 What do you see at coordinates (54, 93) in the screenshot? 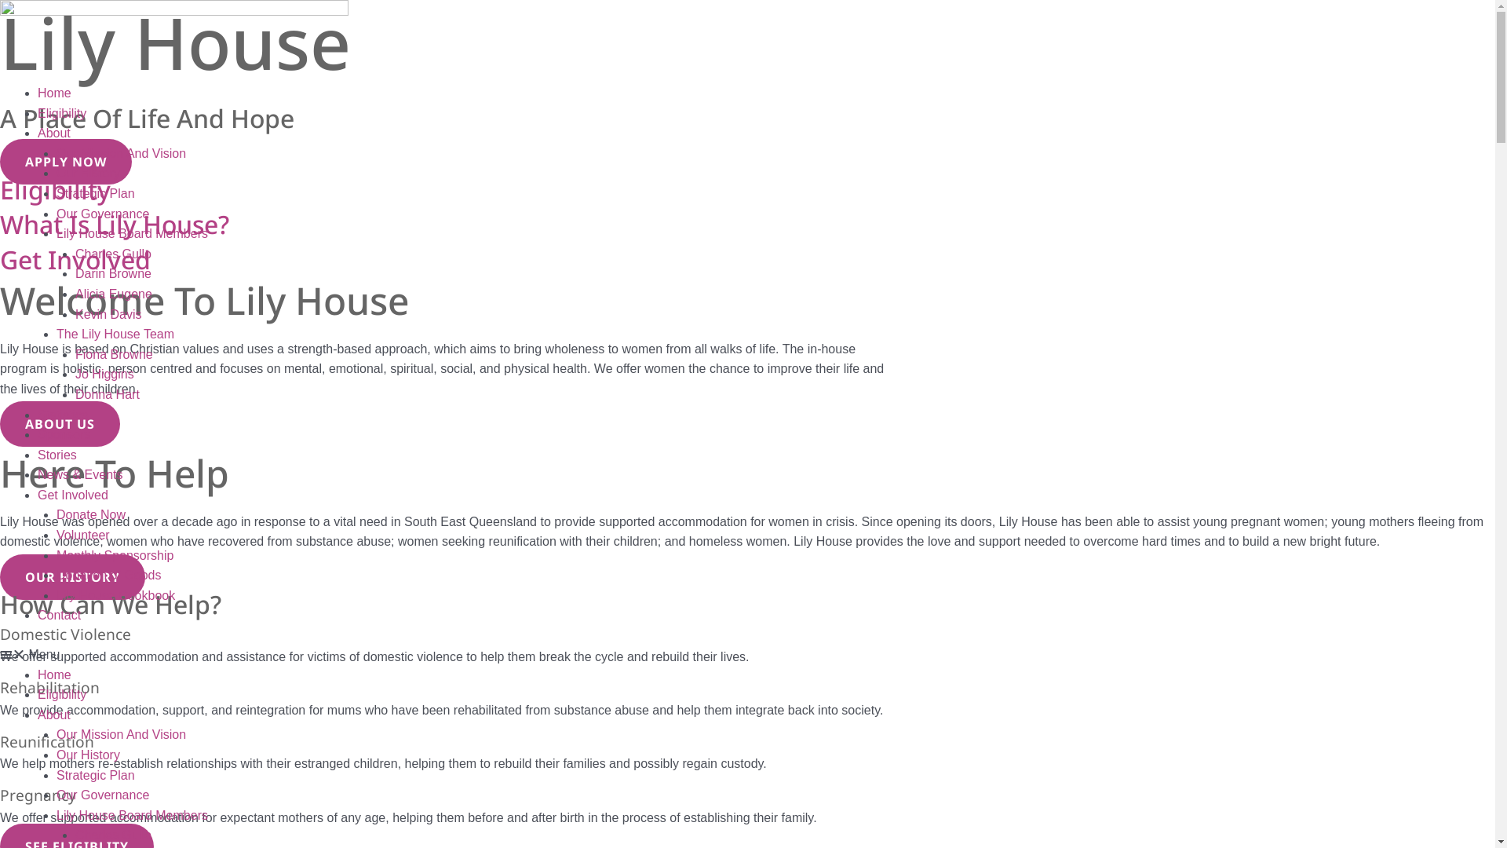
I see `'Home'` at bounding box center [54, 93].